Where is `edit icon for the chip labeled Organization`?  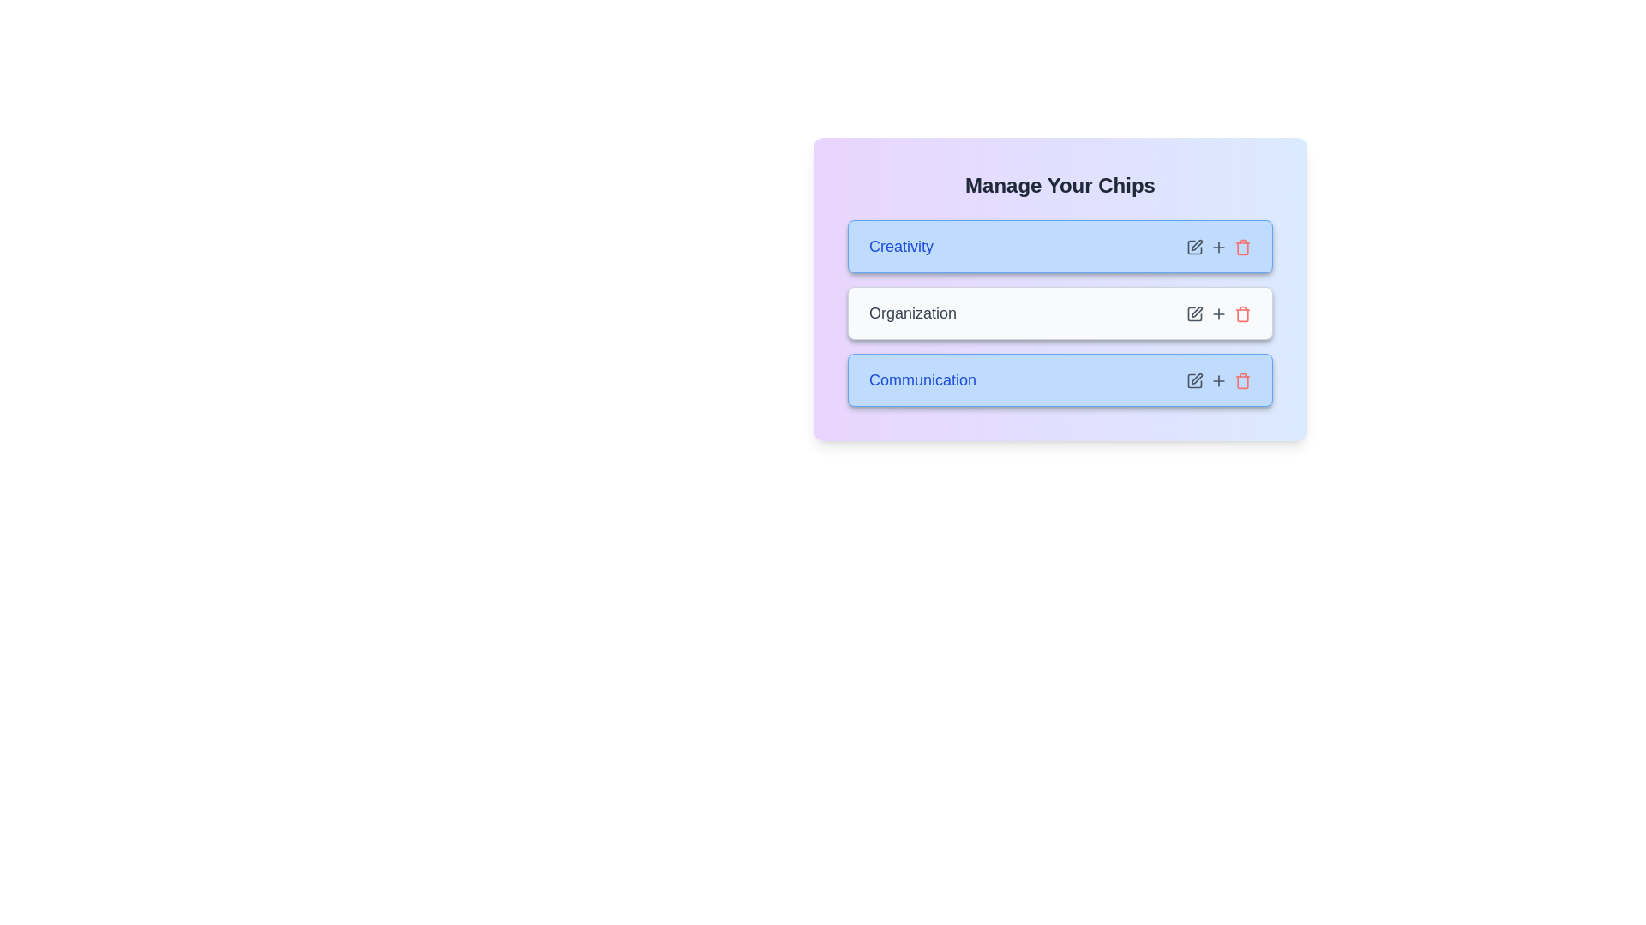
edit icon for the chip labeled Organization is located at coordinates (1193, 313).